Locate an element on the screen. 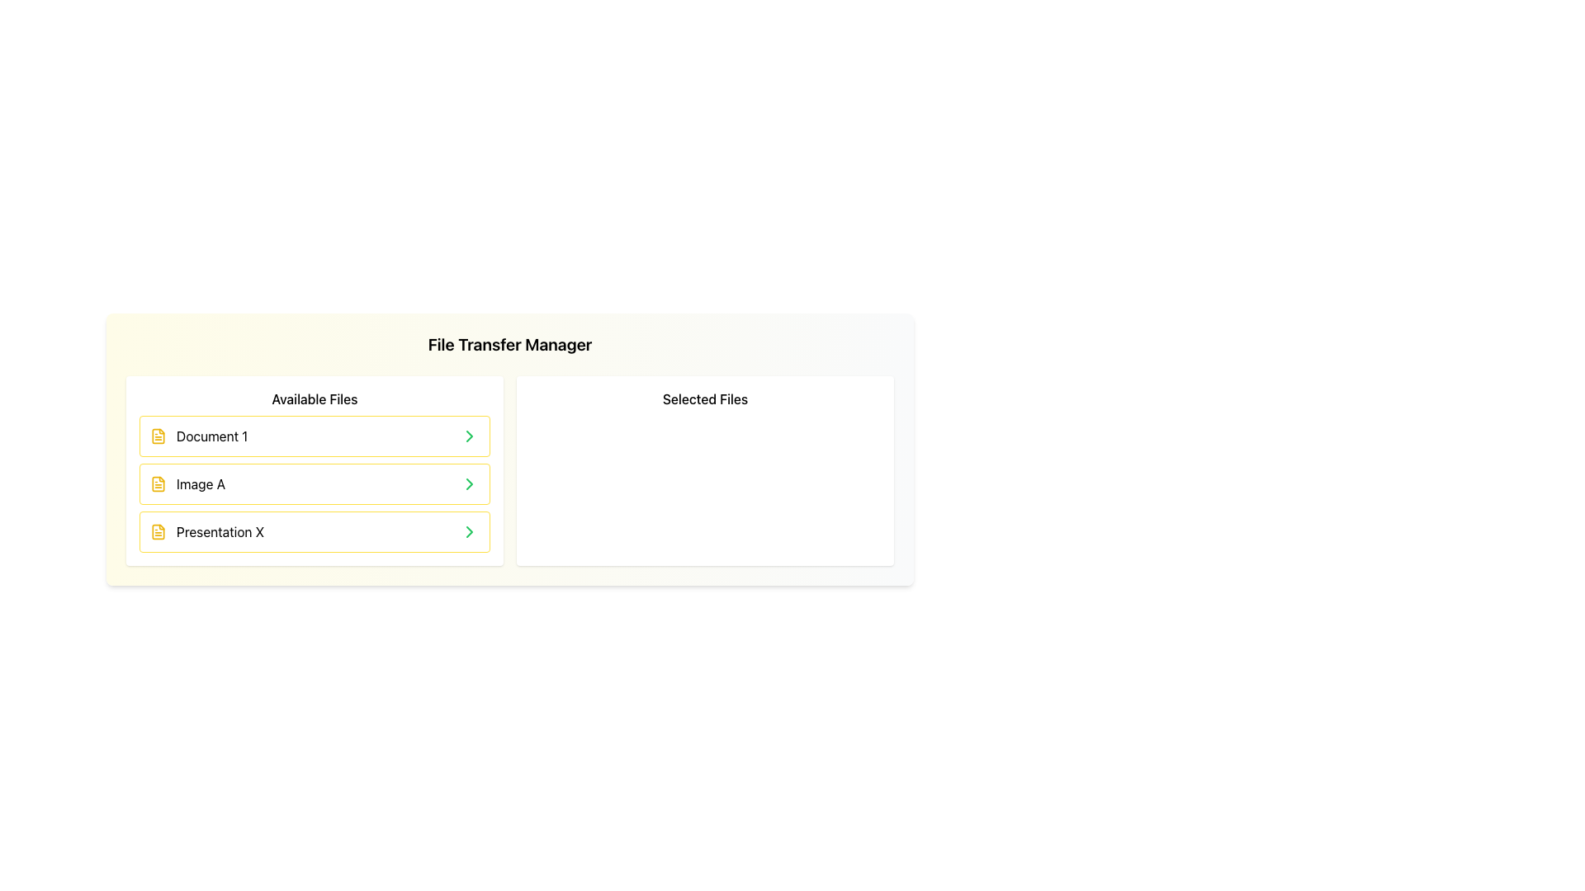 The height and width of the screenshot is (891, 1585). the text label displaying 'Image A' is located at coordinates (200, 483).